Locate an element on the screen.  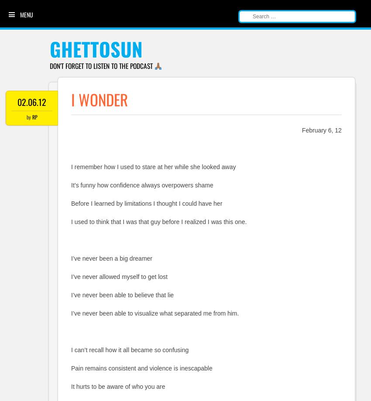
'I’ve never been able to visualize what separated me from him.' is located at coordinates (71, 313).